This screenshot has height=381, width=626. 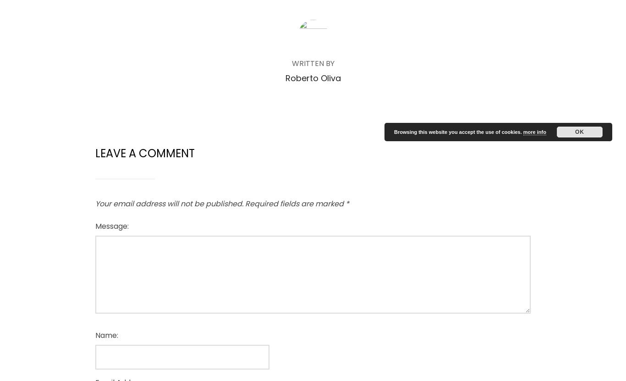 What do you see at coordinates (169, 203) in the screenshot?
I see `'Your email address will not be published.'` at bounding box center [169, 203].